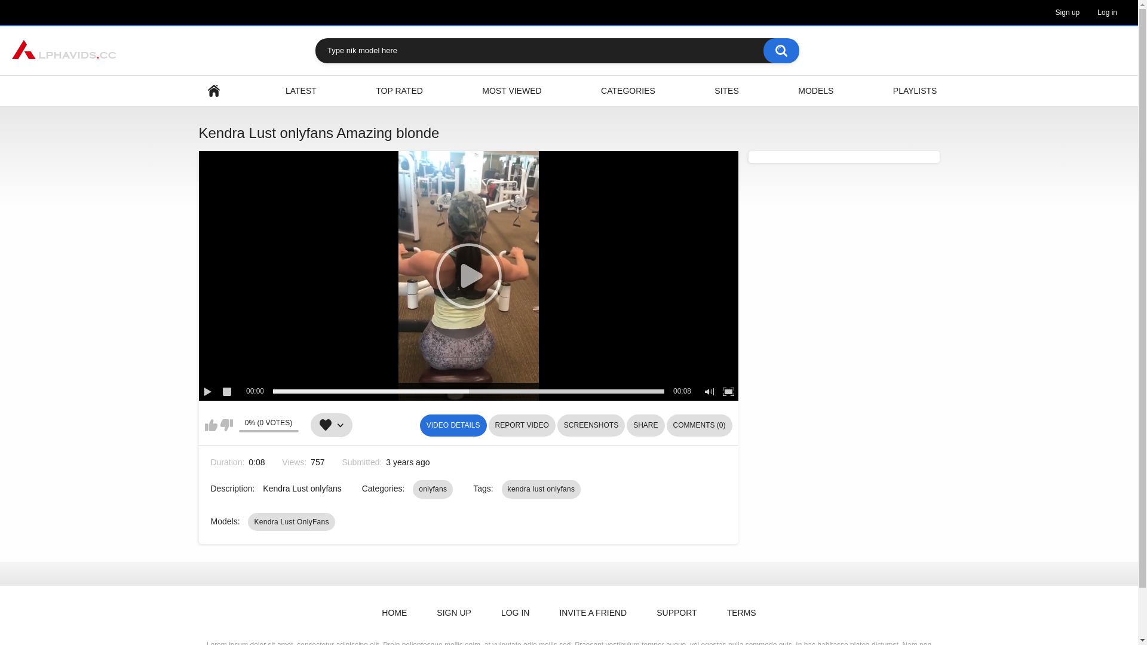 This screenshot has width=1147, height=645. Describe the element at coordinates (593, 613) in the screenshot. I see `'INVITE A FRIEND'` at that location.